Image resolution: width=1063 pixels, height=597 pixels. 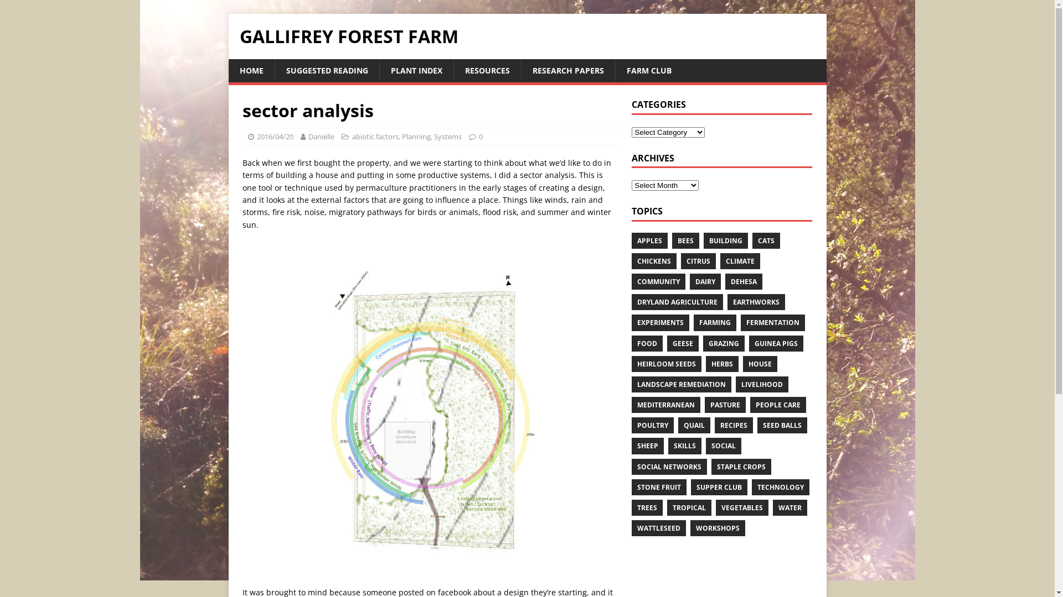 What do you see at coordinates (647, 342) in the screenshot?
I see `'FOOD'` at bounding box center [647, 342].